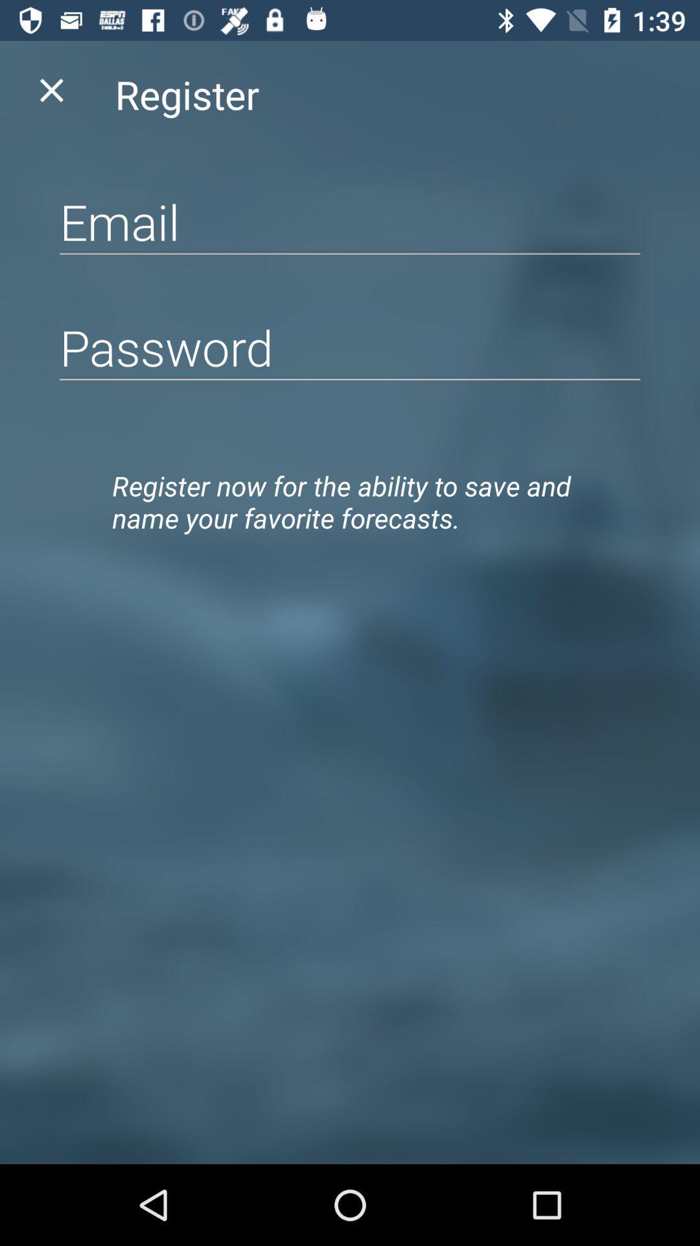  Describe the element at coordinates (350, 221) in the screenshot. I see `email` at that location.